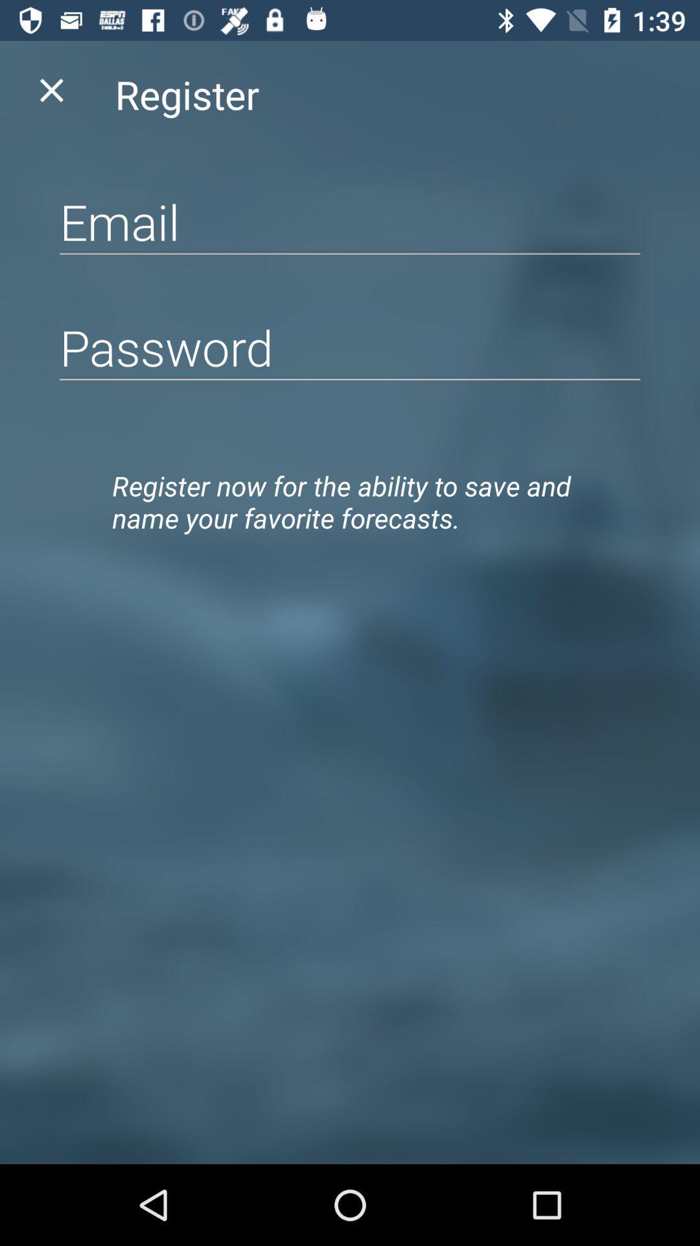  Describe the element at coordinates (350, 221) in the screenshot. I see `email` at that location.